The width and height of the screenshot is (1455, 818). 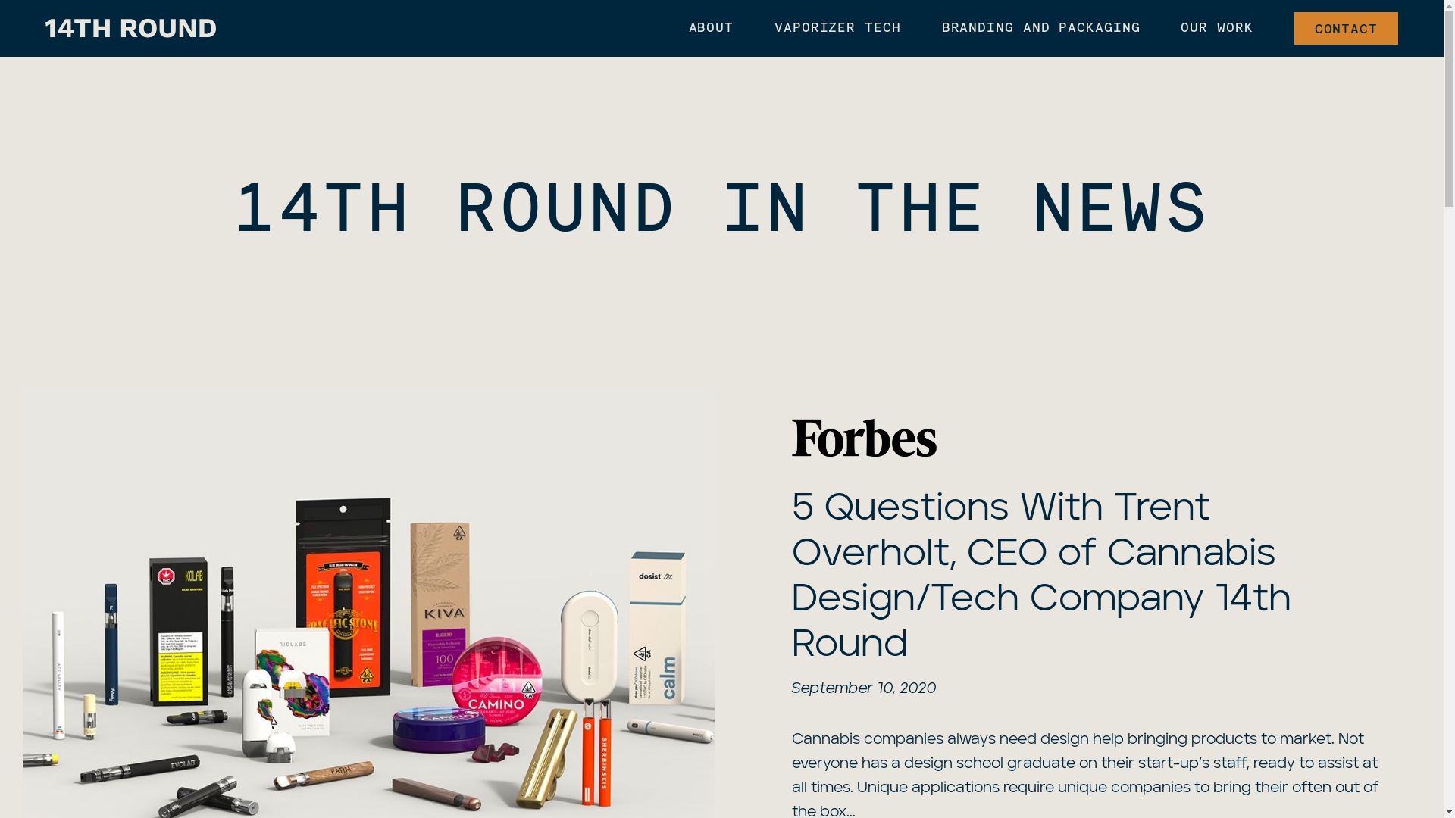 What do you see at coordinates (1346, 28) in the screenshot?
I see `'CONTACT'` at bounding box center [1346, 28].